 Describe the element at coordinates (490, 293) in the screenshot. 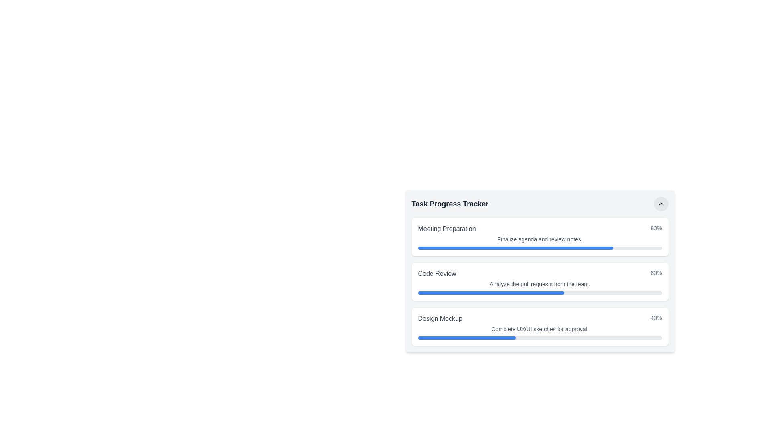

I see `the blue progress bar indicating 60% completion within the gray background bar in the 'Task Progress Tracker' section labeled 'Code Review'` at that location.